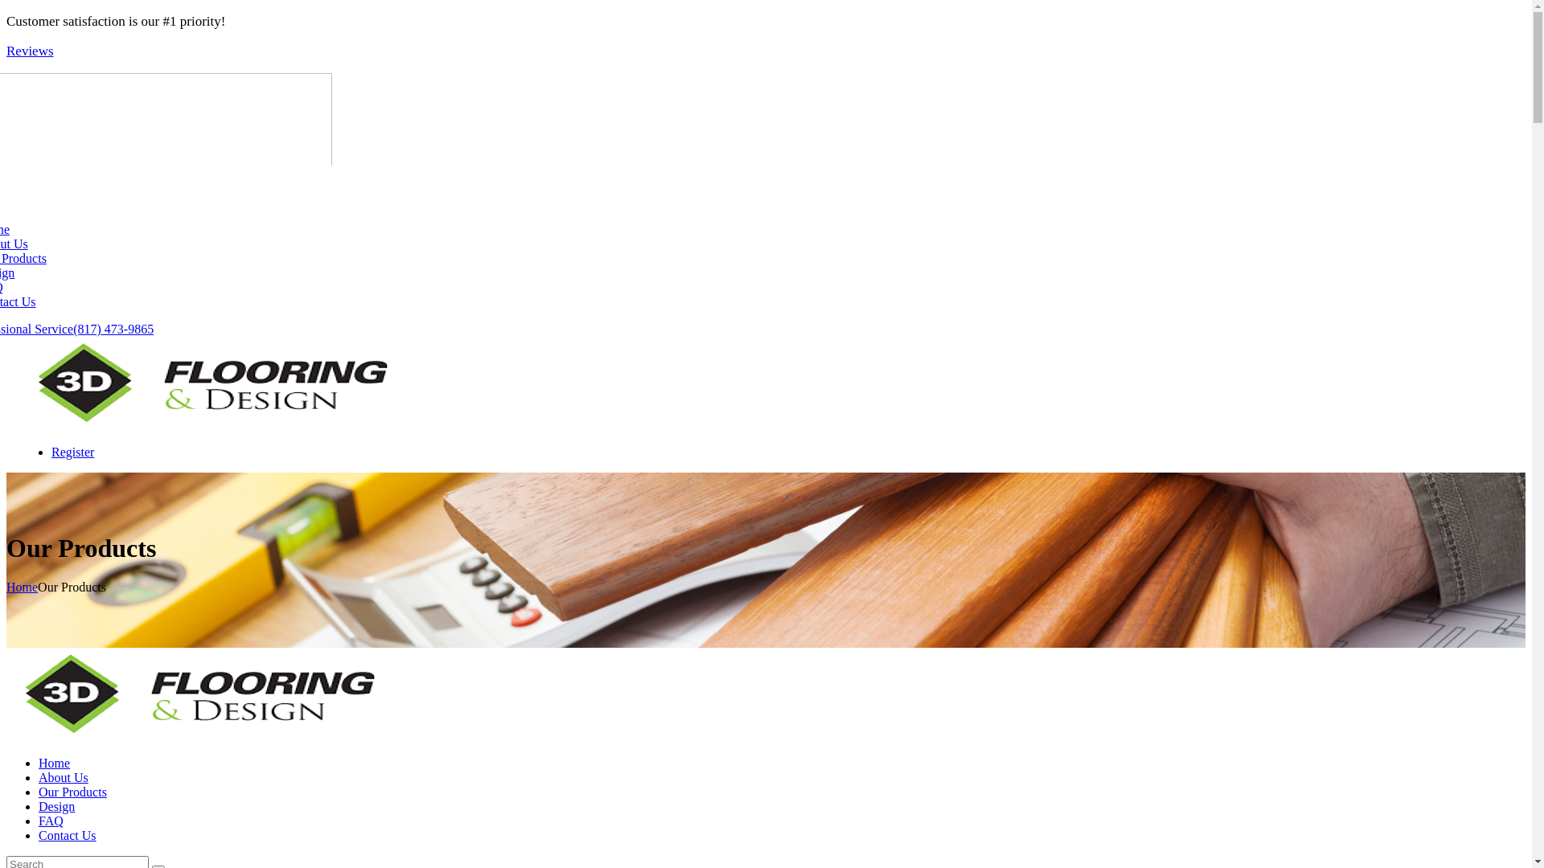  What do you see at coordinates (54, 762) in the screenshot?
I see `'Home'` at bounding box center [54, 762].